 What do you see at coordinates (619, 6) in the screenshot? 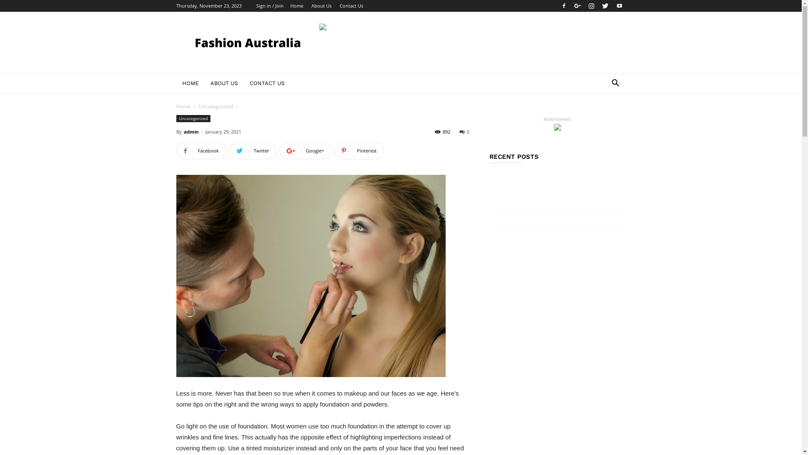
I see `'Youtube'` at bounding box center [619, 6].